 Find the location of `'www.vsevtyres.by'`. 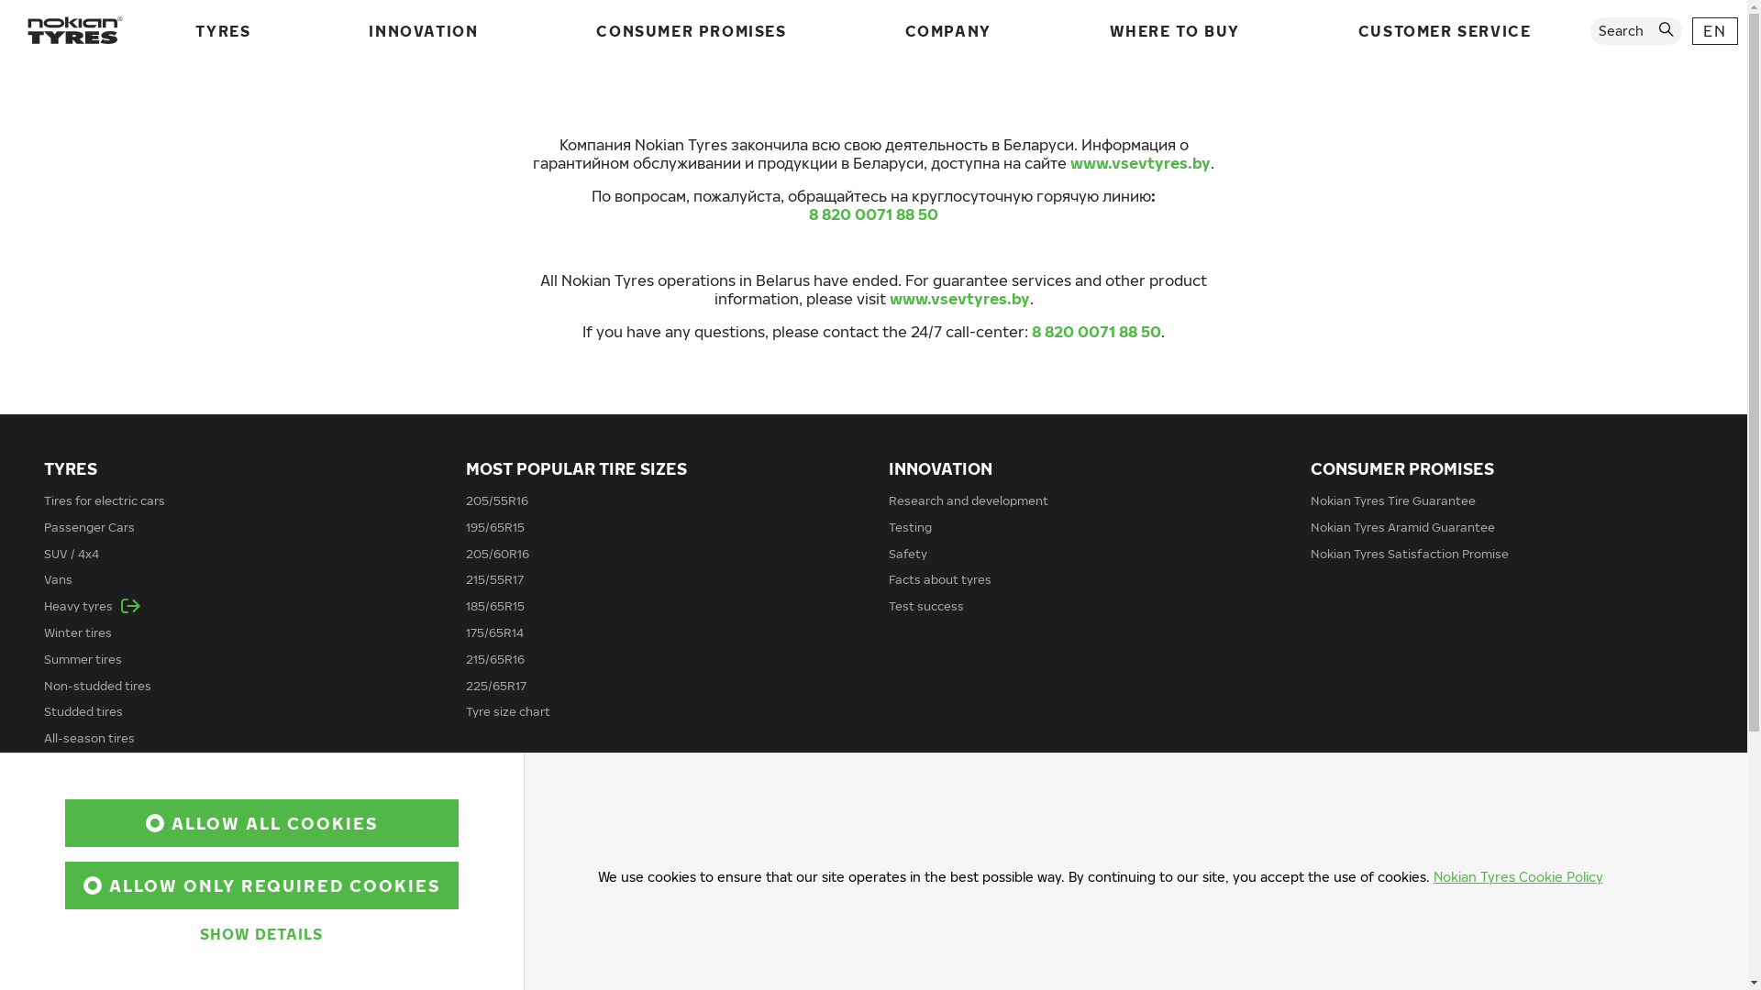

'www.vsevtyres.by' is located at coordinates (958, 298).